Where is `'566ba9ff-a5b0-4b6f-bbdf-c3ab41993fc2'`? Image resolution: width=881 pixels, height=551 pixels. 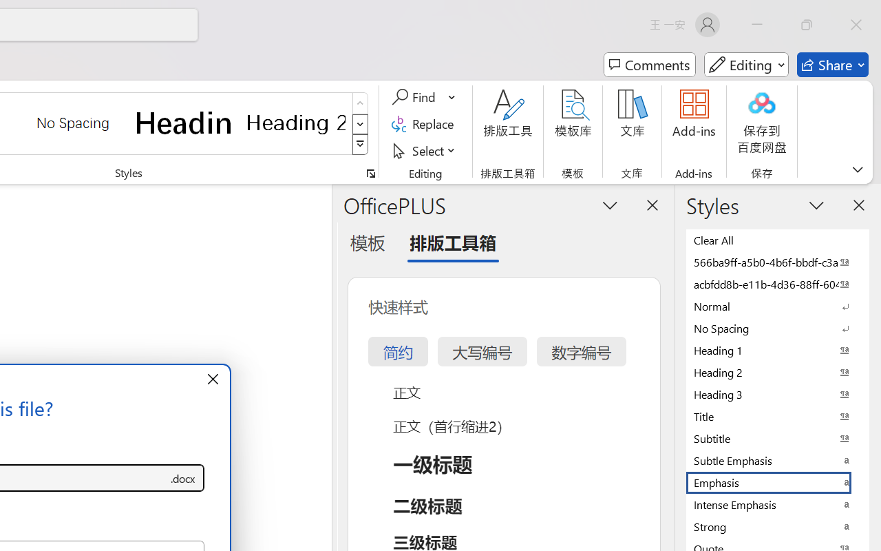
'566ba9ff-a5b0-4b6f-bbdf-c3ab41993fc2' is located at coordinates (778, 261).